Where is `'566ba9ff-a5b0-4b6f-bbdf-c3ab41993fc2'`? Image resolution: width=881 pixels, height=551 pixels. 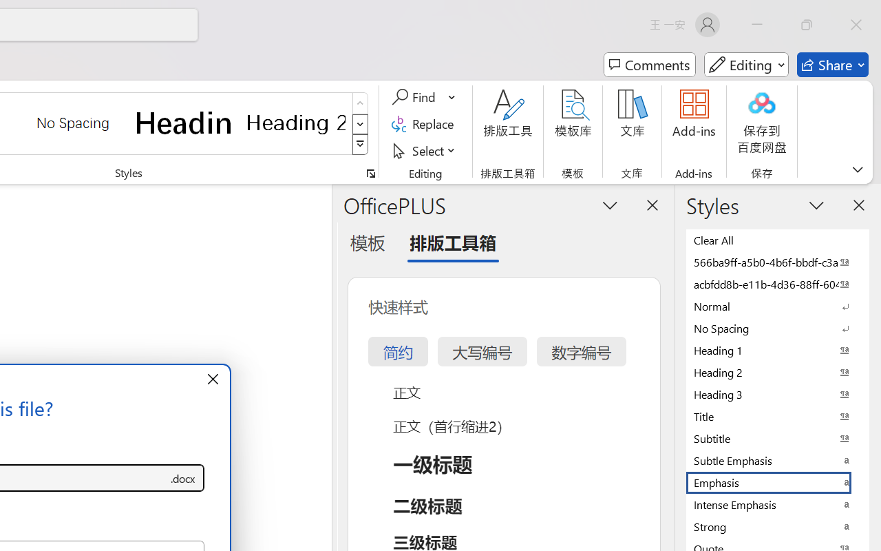
'566ba9ff-a5b0-4b6f-bbdf-c3ab41993fc2' is located at coordinates (778, 261).